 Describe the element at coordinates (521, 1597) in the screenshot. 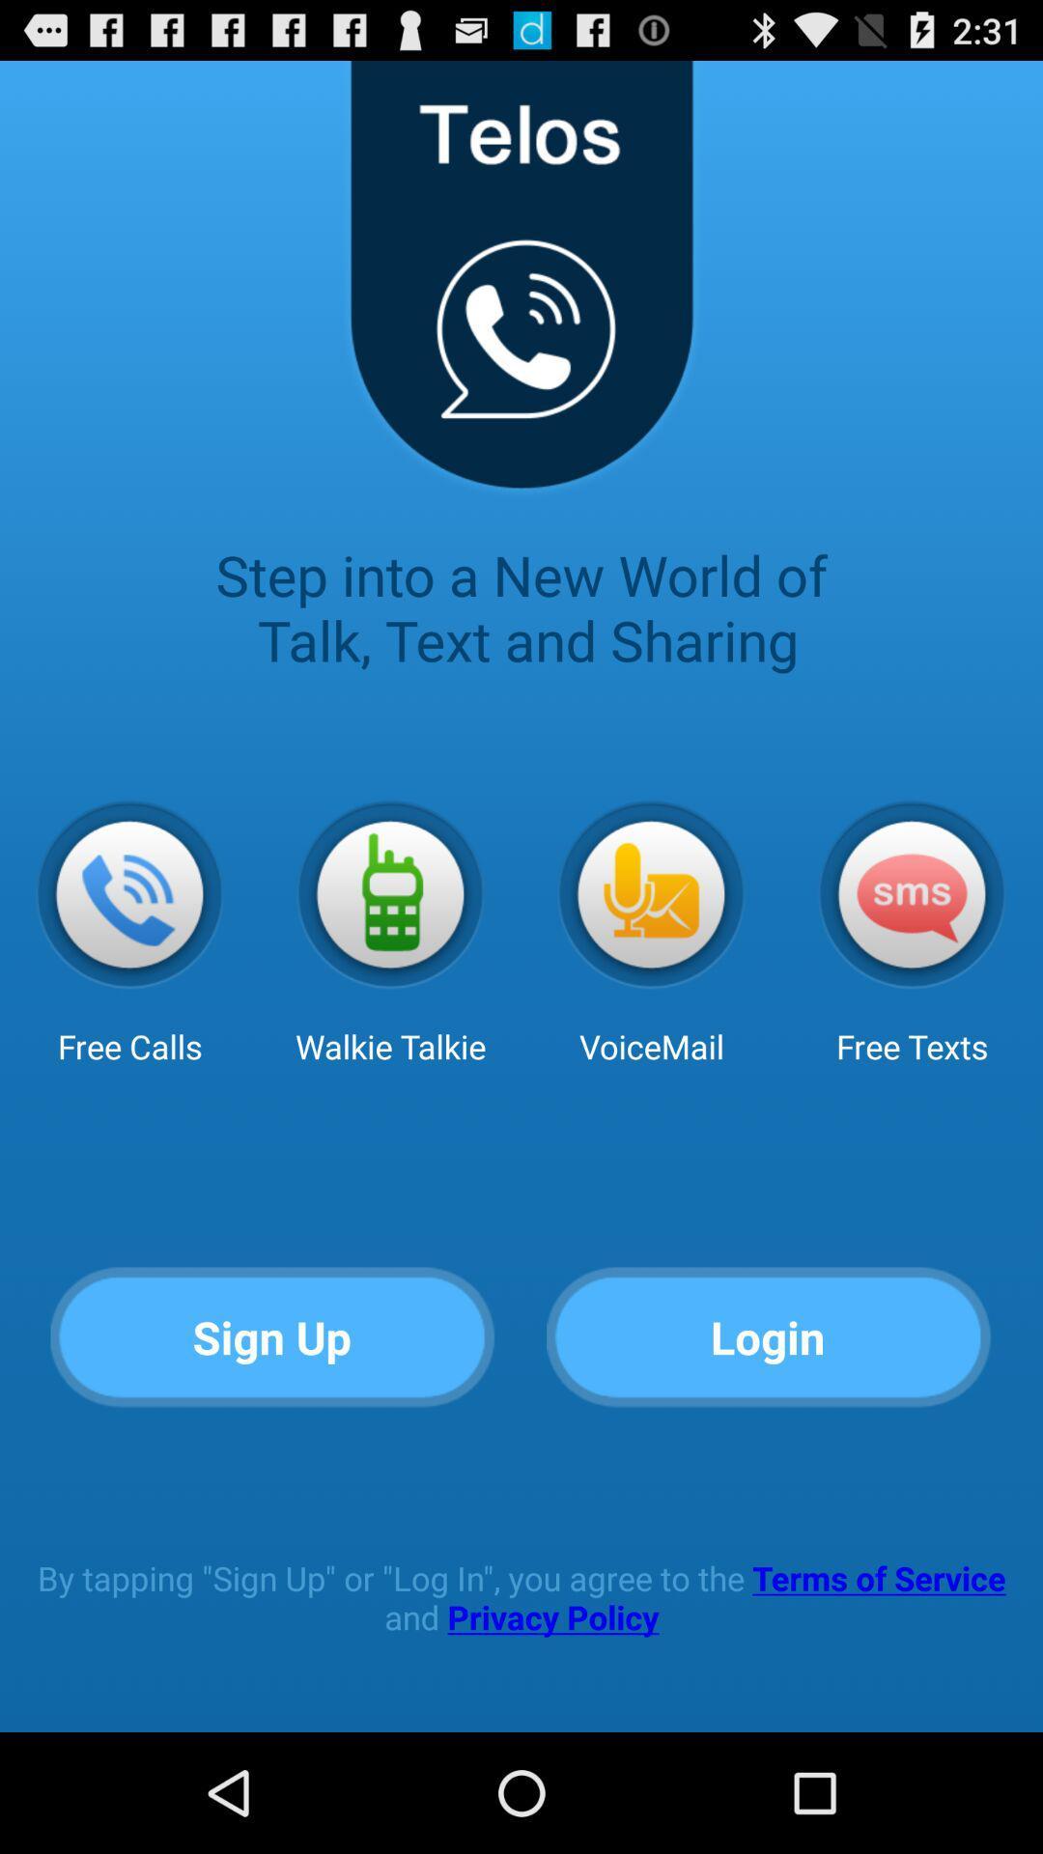

I see `icon at the bottom` at that location.